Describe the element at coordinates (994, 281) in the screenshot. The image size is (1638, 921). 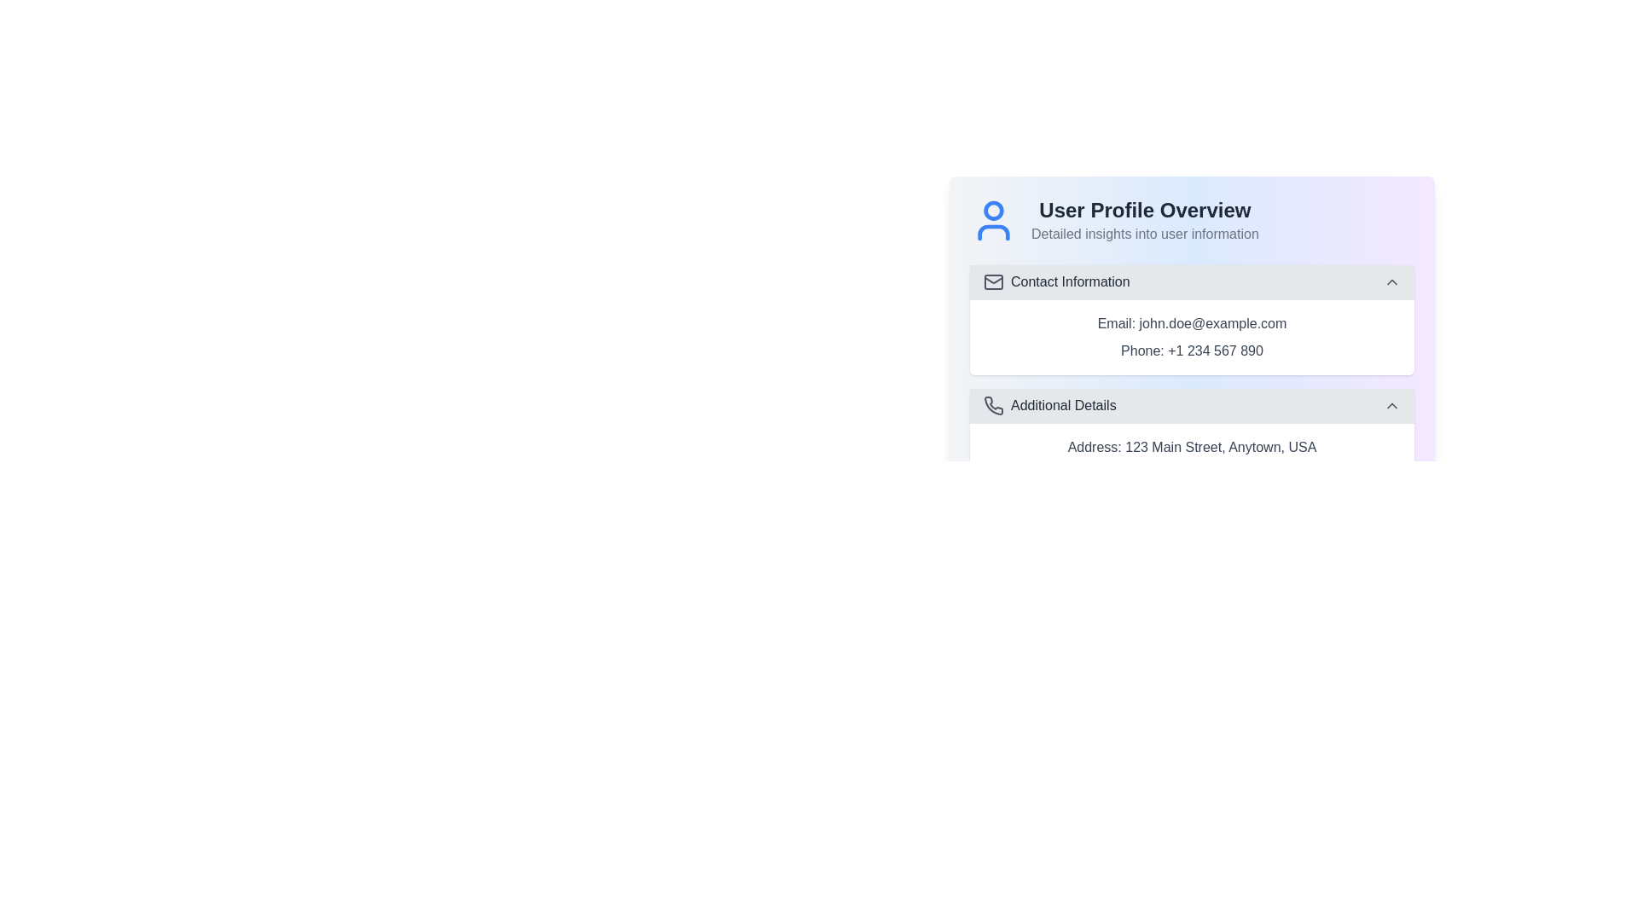
I see `the contact information icon located to the left of the 'Contact Information' text in the 'User Profile Overview' page` at that location.